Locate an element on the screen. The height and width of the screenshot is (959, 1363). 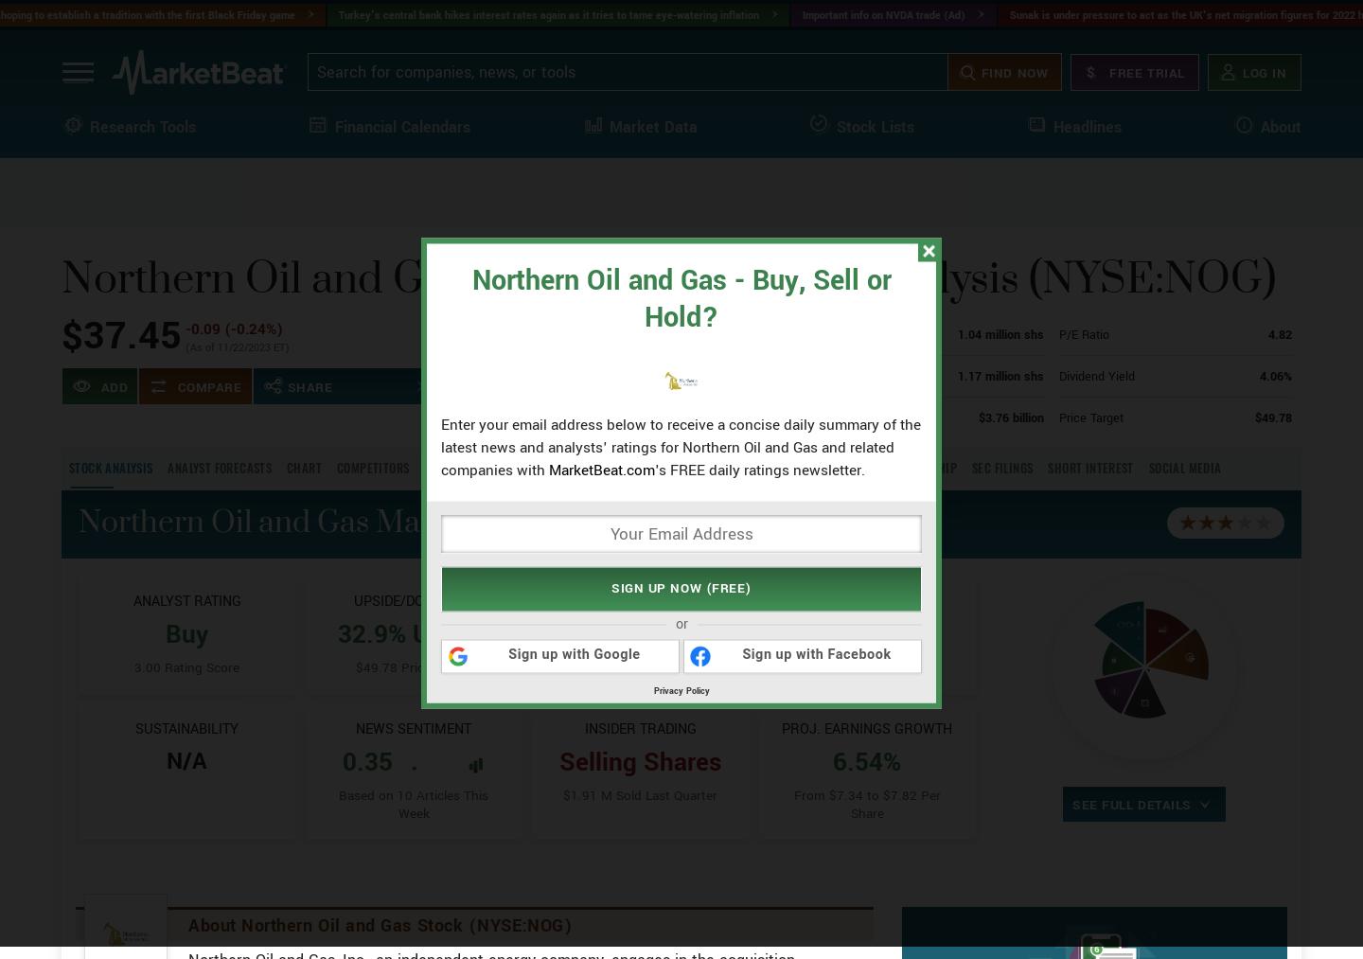
'32.9% Upside' is located at coordinates (413, 702).